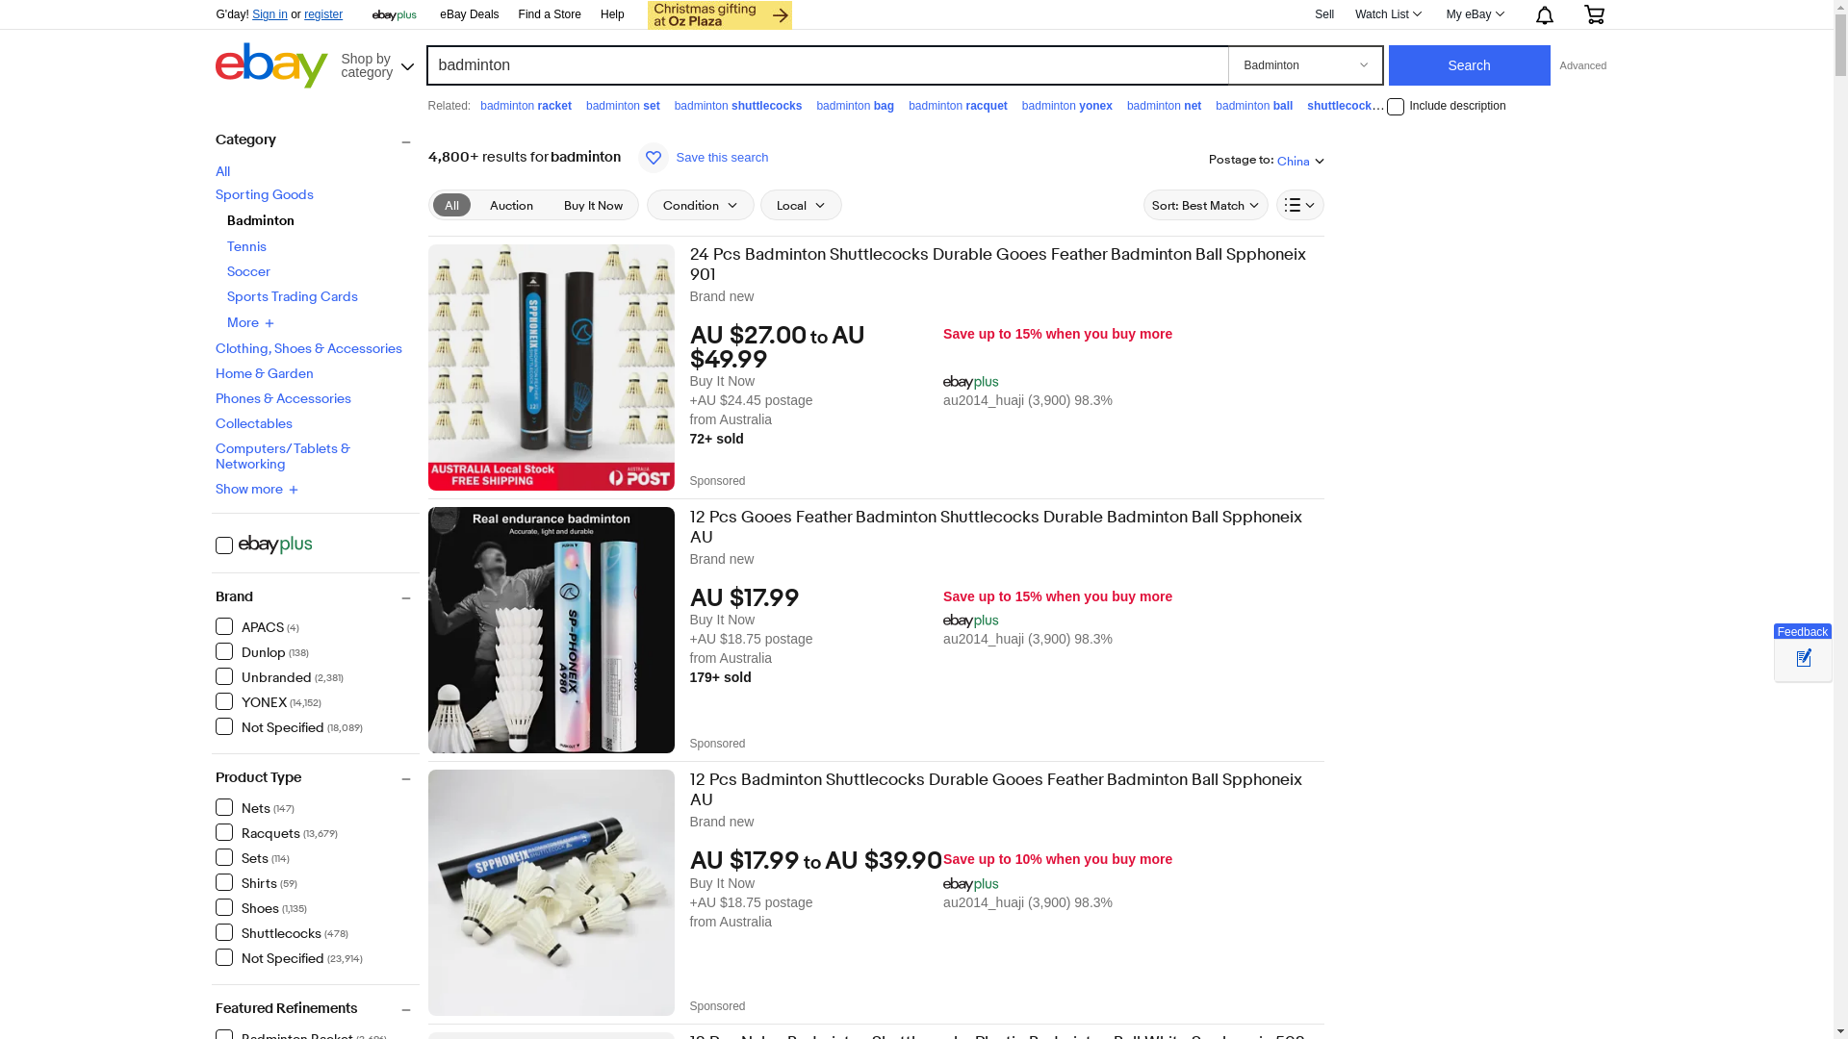  Describe the element at coordinates (1266, 158) in the screenshot. I see `'Postage to: China'` at that location.